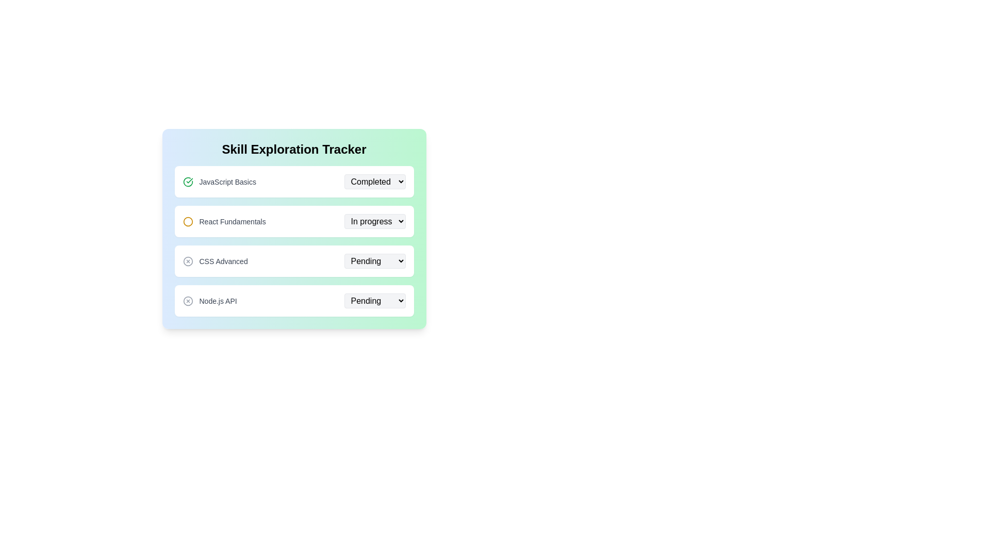 The image size is (990, 557). What do you see at coordinates (209, 301) in the screenshot?
I see `the Text Label displaying 'Node.js API' which is styled in dark gray, positioned in a card and located fourth in a vertical list, next to the 'Pending' dropdown` at bounding box center [209, 301].